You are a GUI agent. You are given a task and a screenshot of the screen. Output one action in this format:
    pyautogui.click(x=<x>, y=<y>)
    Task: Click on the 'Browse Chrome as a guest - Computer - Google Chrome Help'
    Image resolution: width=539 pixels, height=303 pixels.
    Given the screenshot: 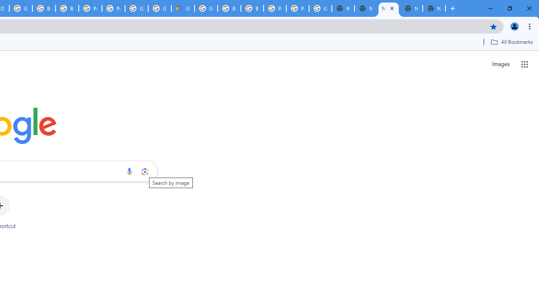 What is the action you would take?
    pyautogui.click(x=229, y=8)
    